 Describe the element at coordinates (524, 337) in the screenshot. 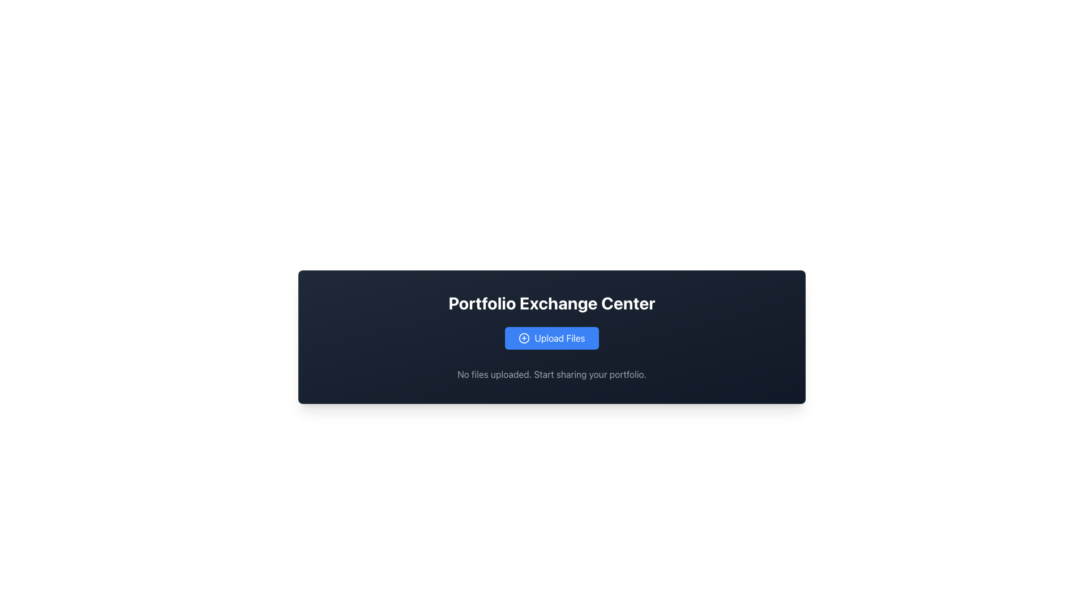

I see `the circular '+' icon with a thin blue outline located inside the 'Upload Files' button, to the left of the button's text label` at that location.